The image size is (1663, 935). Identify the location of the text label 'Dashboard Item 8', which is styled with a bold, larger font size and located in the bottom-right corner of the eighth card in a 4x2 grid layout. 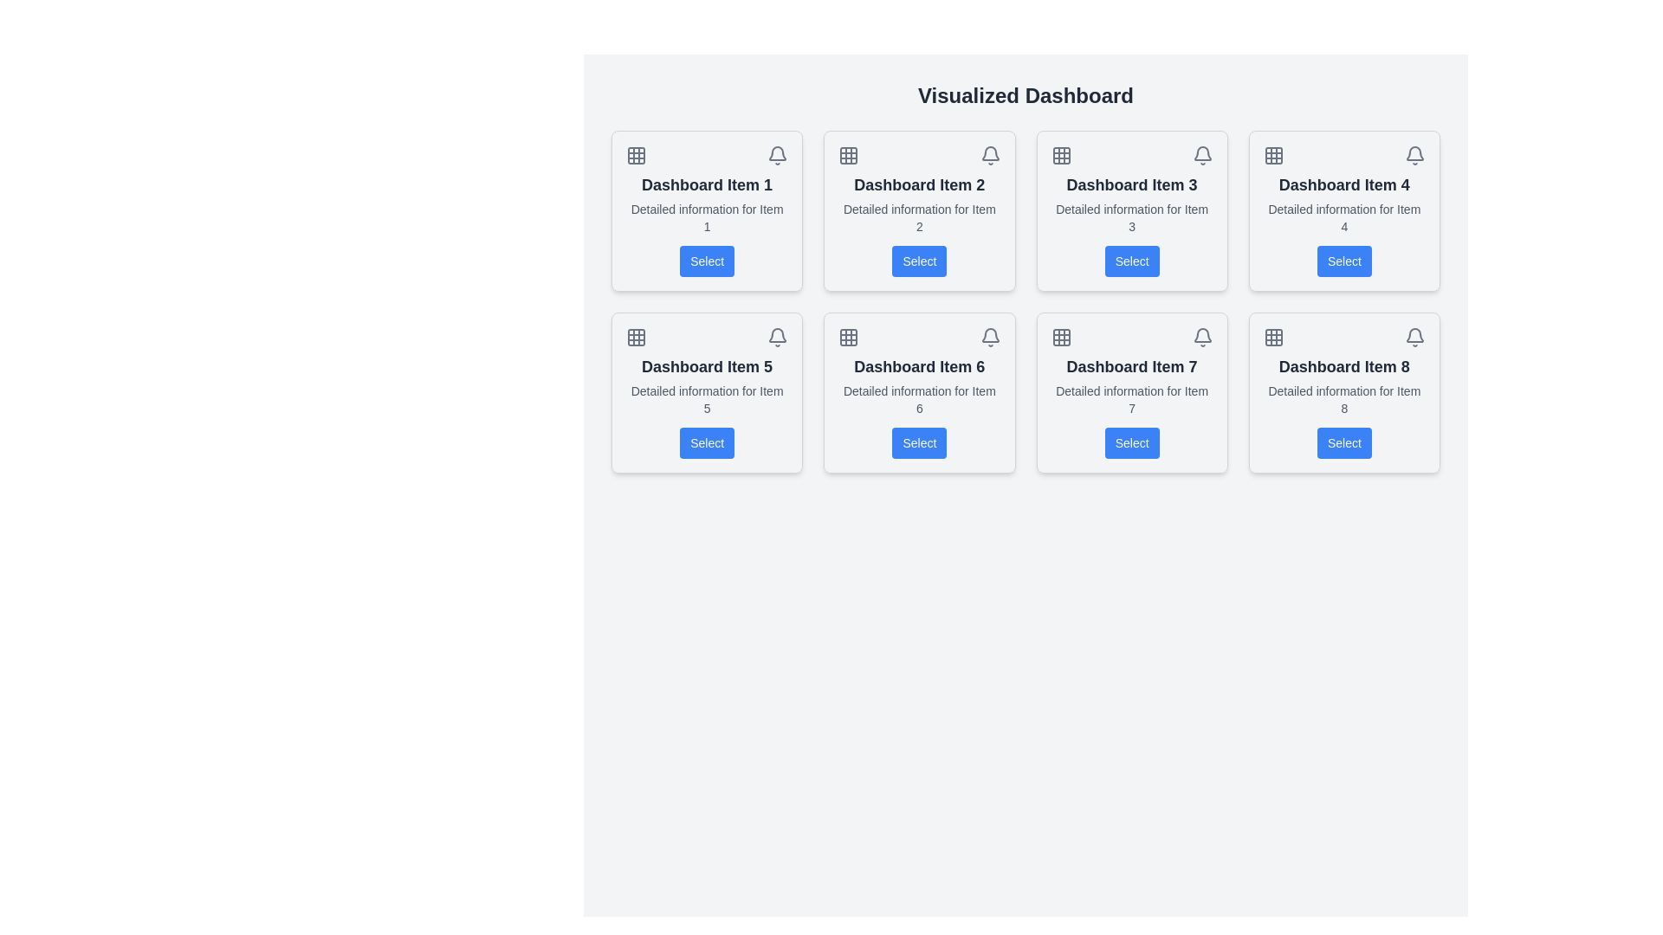
(1343, 366).